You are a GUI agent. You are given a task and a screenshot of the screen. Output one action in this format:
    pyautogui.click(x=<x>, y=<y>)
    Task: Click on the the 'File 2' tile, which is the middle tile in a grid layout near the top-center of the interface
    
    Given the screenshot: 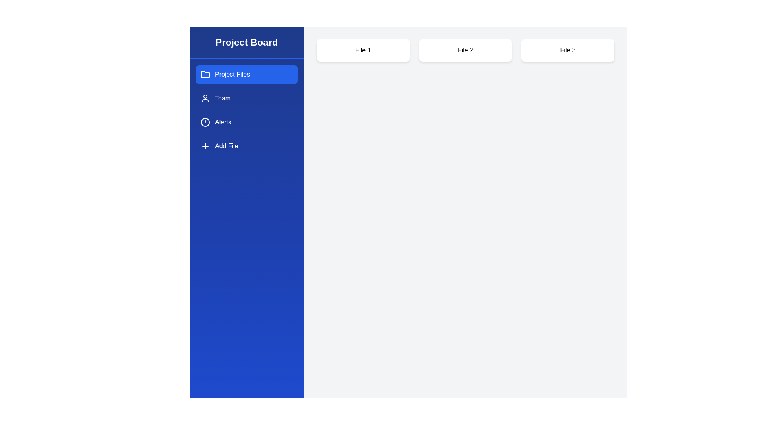 What is the action you would take?
    pyautogui.click(x=465, y=50)
    